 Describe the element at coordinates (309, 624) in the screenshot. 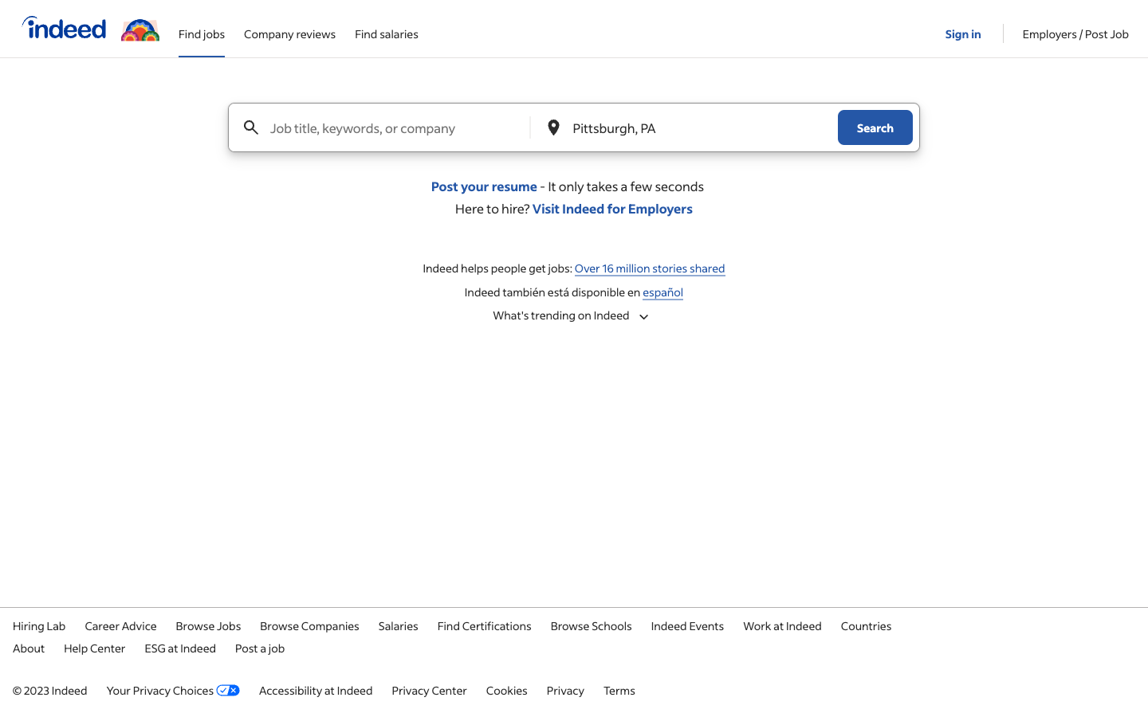

I see `Look for firms that are currently hiring` at that location.